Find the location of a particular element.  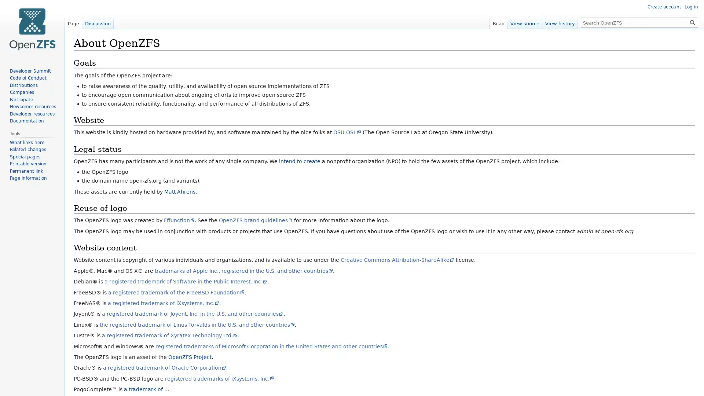

Search is located at coordinates (692, 22).